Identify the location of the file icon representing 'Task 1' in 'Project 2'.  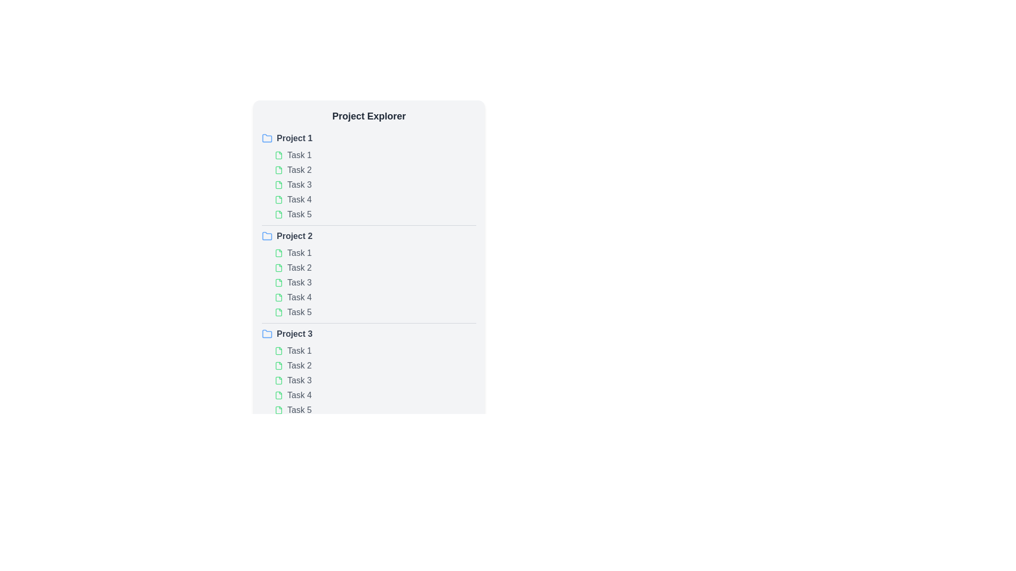
(279, 253).